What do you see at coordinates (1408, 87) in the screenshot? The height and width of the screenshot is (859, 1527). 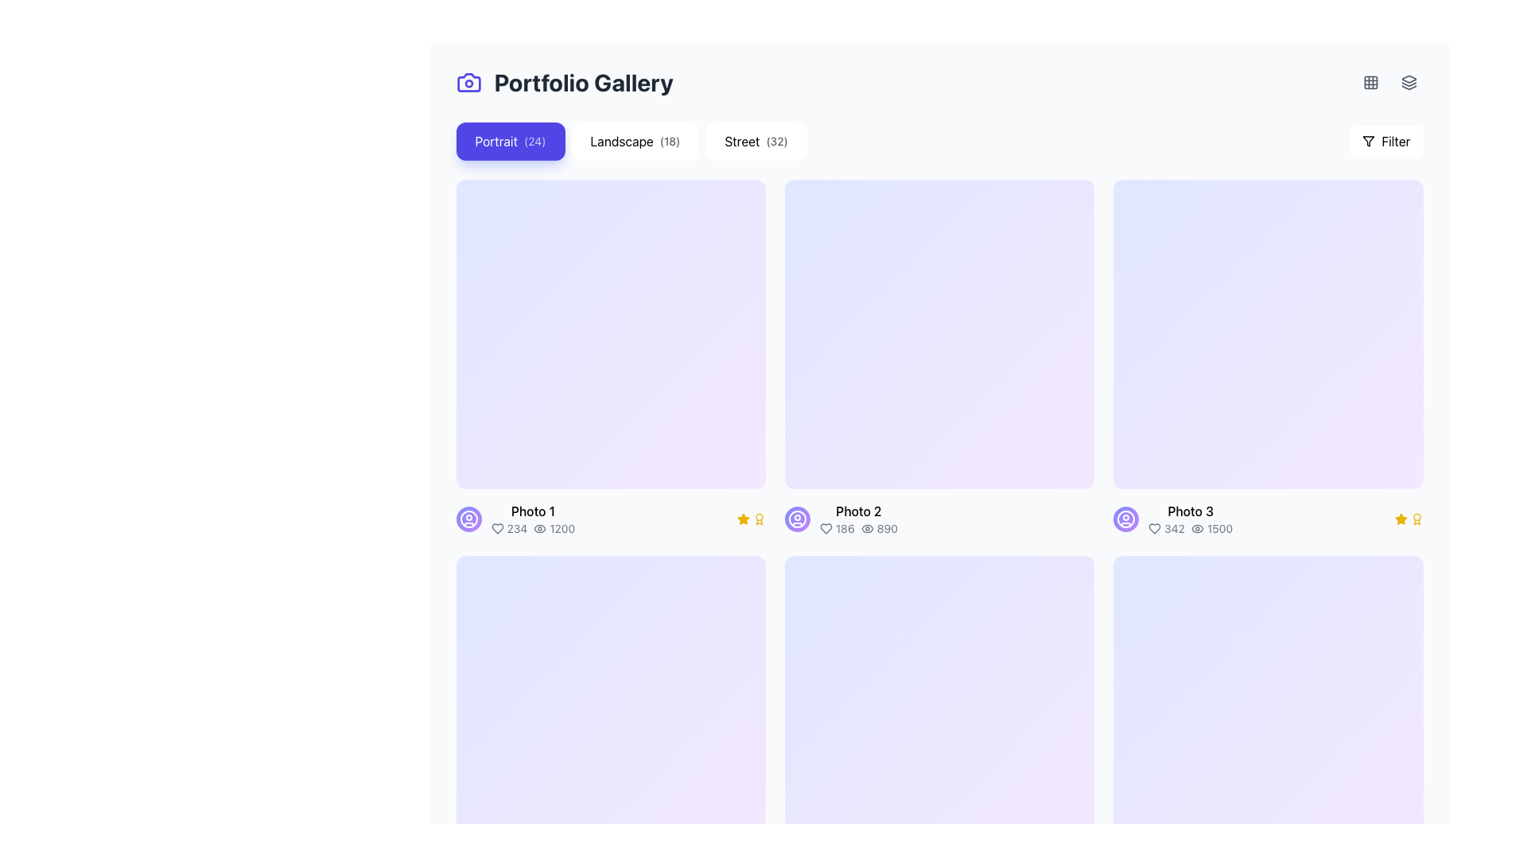 I see `the bottom-most layer of the stack icon located in the top-right corner of the interface, next to the filter button` at bounding box center [1408, 87].